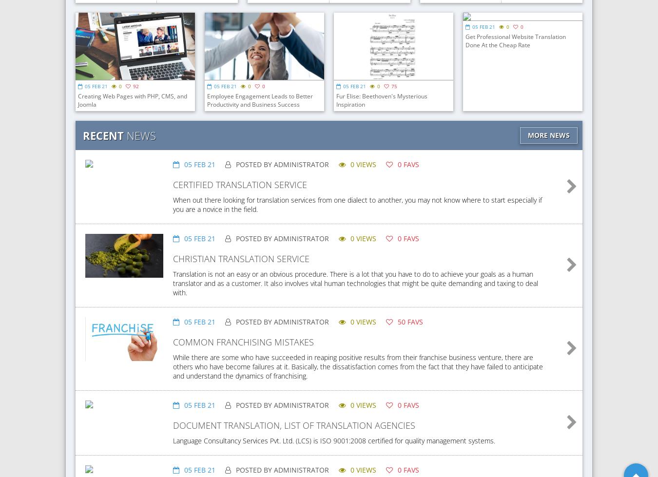 The image size is (658, 477). Describe the element at coordinates (103, 135) in the screenshot. I see `'Recent'` at that location.